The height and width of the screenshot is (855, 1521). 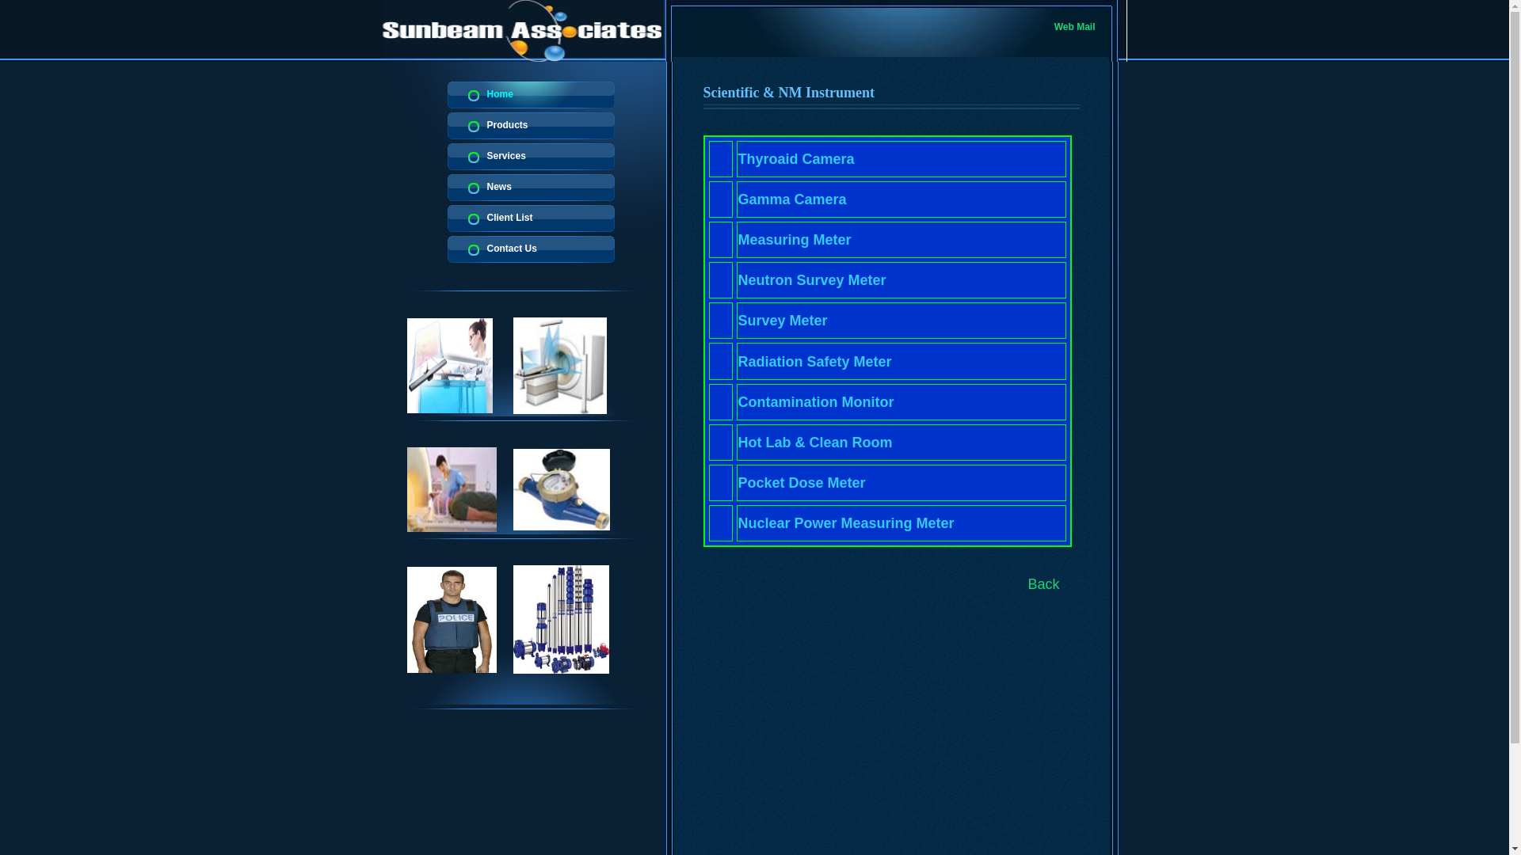 What do you see at coordinates (530, 186) in the screenshot?
I see `'News'` at bounding box center [530, 186].